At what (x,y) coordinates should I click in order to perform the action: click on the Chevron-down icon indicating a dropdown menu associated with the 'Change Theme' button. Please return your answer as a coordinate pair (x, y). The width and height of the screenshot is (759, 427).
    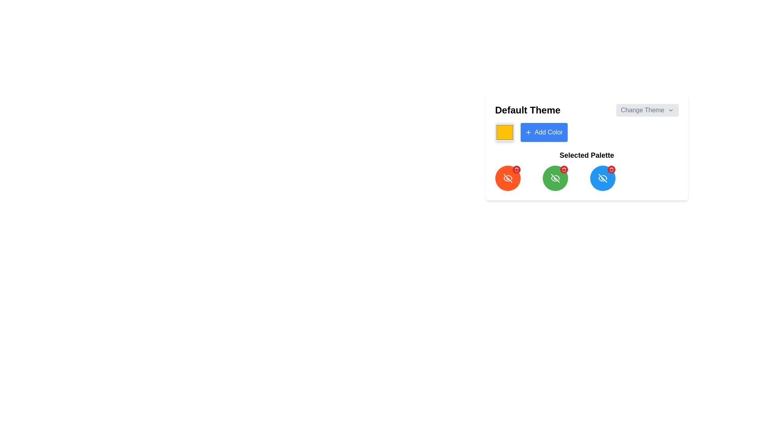
    Looking at the image, I should click on (670, 110).